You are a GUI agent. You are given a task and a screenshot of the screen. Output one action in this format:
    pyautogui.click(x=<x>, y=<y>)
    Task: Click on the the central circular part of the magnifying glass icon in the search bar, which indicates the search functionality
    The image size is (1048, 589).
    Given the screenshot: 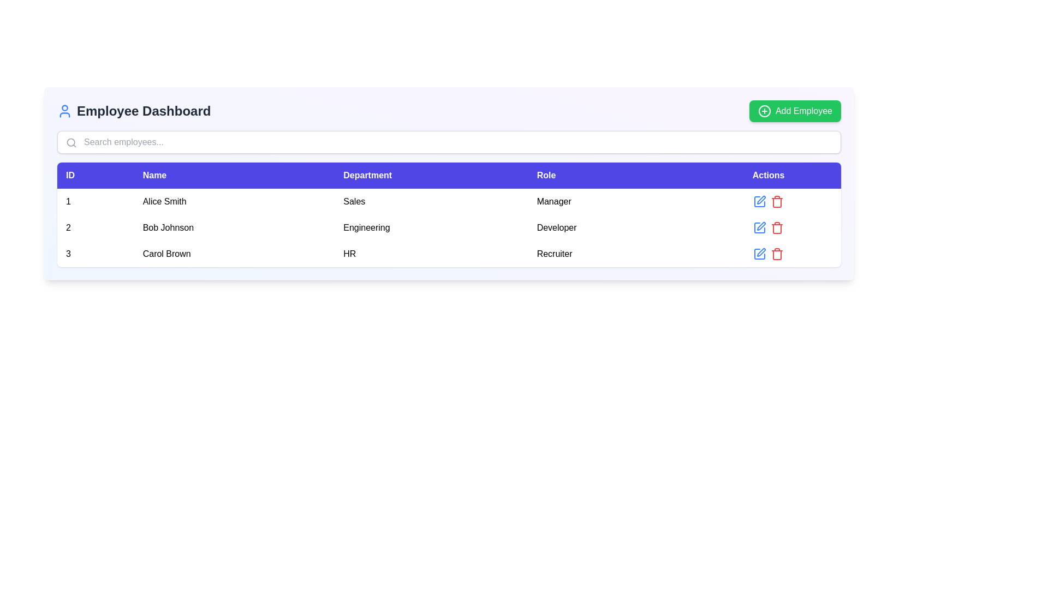 What is the action you would take?
    pyautogui.click(x=70, y=142)
    